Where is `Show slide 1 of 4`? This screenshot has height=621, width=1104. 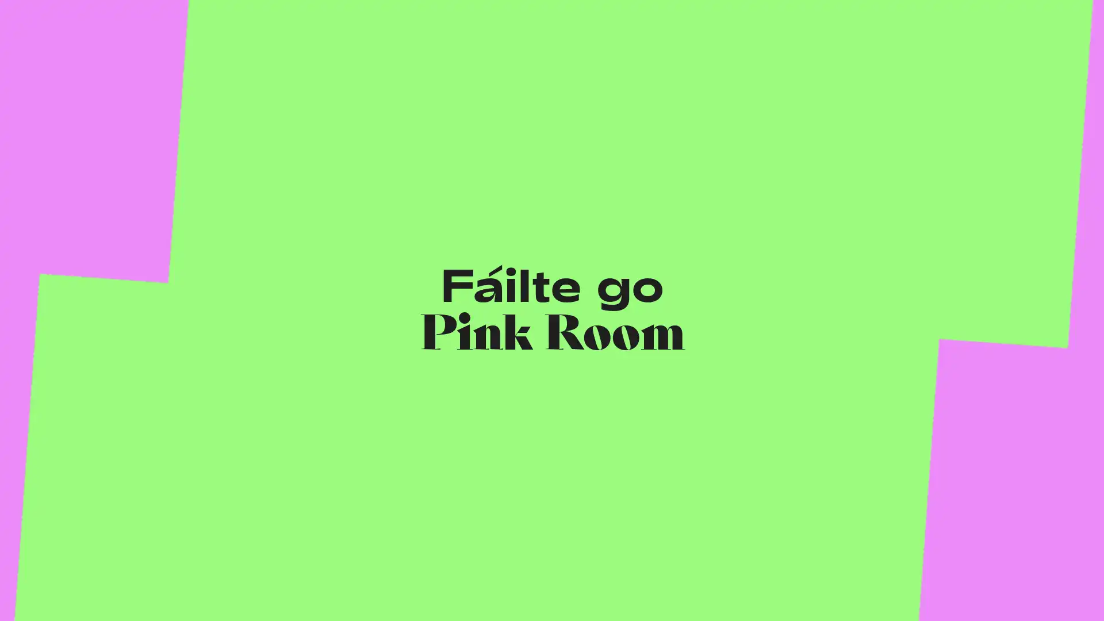
Show slide 1 of 4 is located at coordinates (318, 303).